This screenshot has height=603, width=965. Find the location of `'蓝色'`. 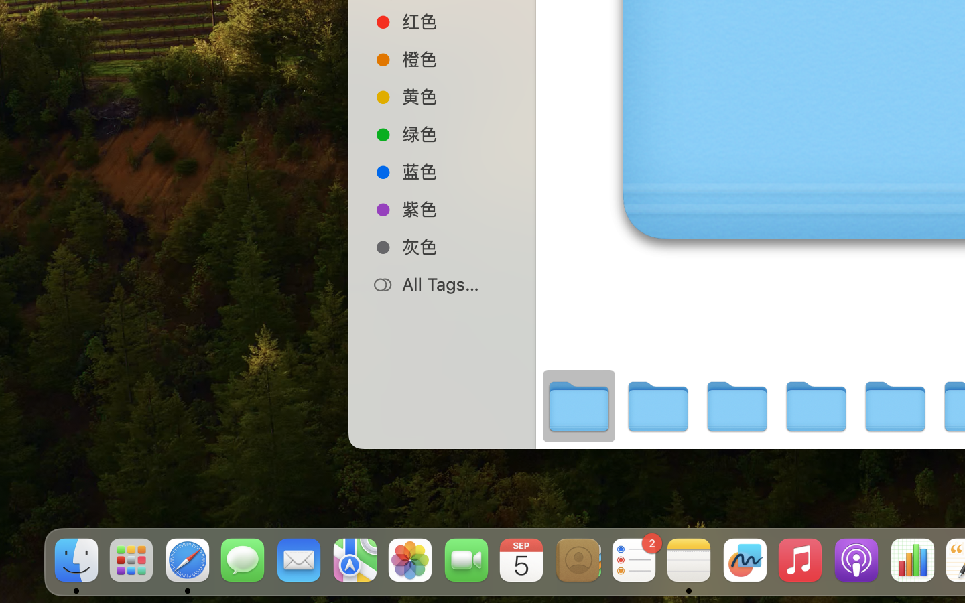

'蓝色' is located at coordinates (456, 170).